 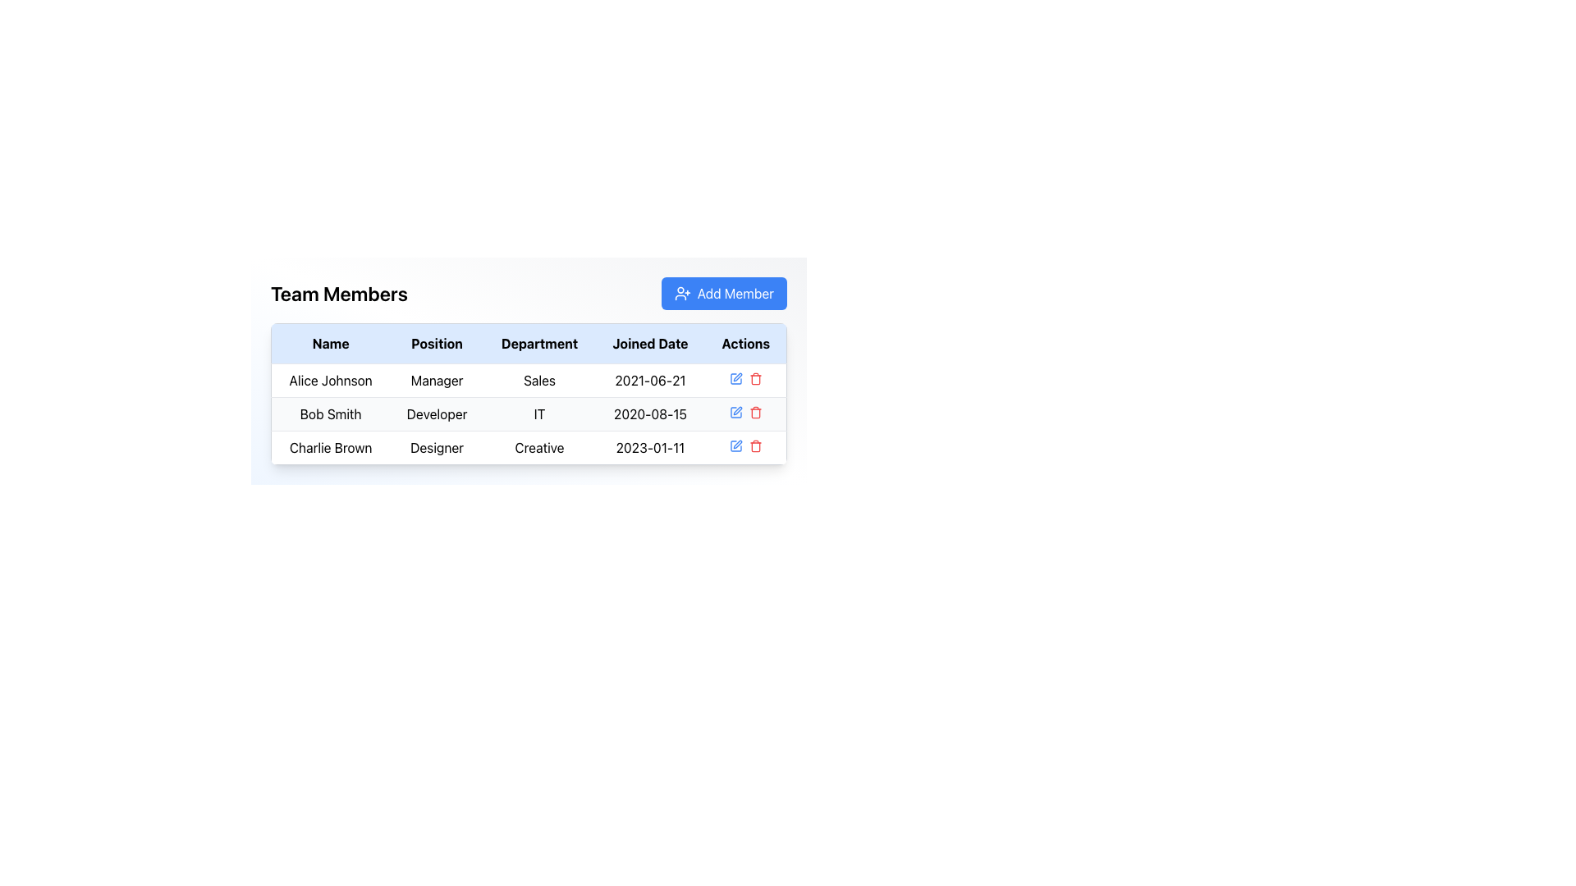 What do you see at coordinates (329, 448) in the screenshot?
I see `the text label displaying the name 'Charlie Brown' in the third row of the 'Team Members' table under the 'Name' column` at bounding box center [329, 448].